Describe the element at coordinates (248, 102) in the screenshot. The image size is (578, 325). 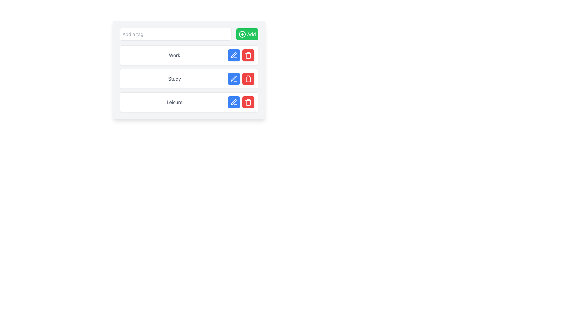
I see `the delete icon button within the red circular button aligned to the right side of the row labeled 'Leisure'` at that location.